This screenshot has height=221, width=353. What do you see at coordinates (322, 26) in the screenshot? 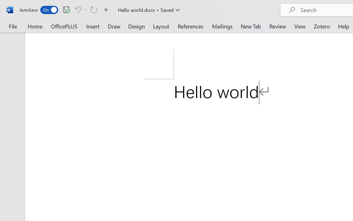
I see `'Zotero'` at bounding box center [322, 26].